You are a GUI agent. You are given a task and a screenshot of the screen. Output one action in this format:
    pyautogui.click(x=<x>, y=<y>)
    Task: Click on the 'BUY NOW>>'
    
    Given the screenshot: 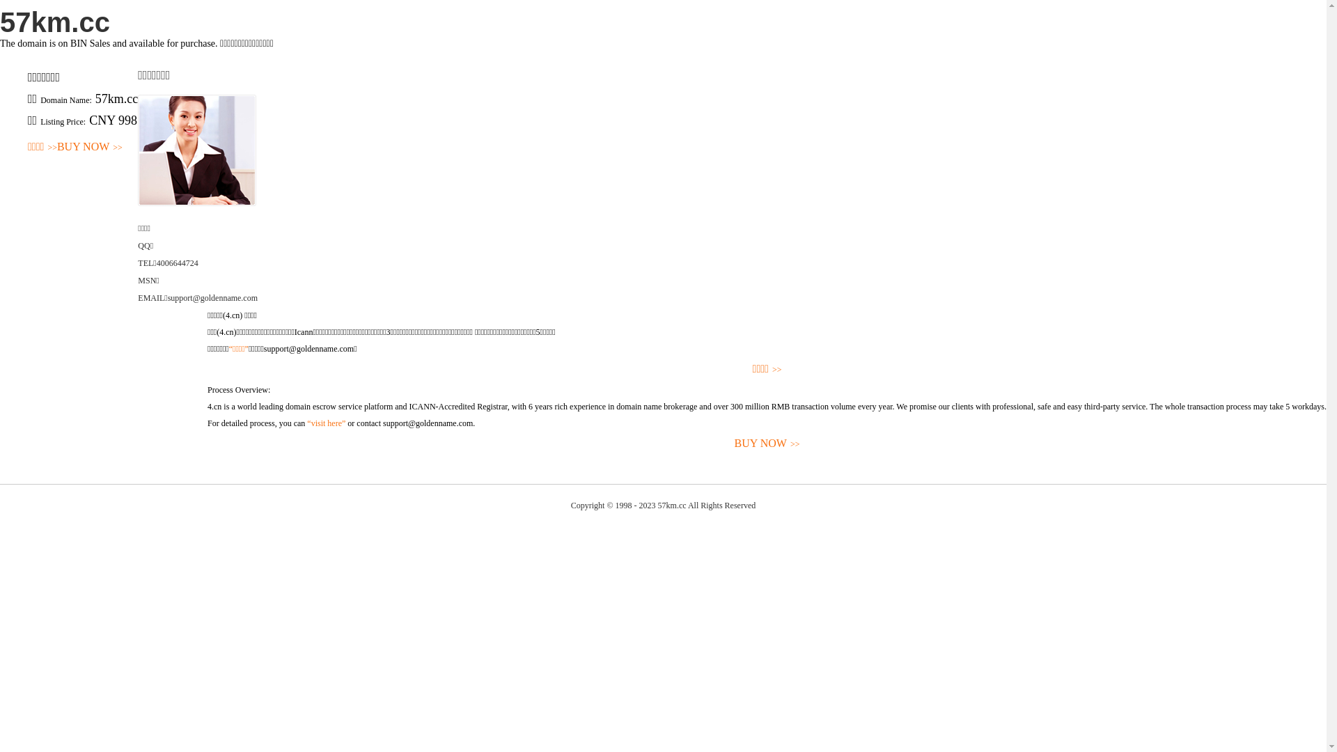 What is the action you would take?
    pyautogui.click(x=206, y=444)
    